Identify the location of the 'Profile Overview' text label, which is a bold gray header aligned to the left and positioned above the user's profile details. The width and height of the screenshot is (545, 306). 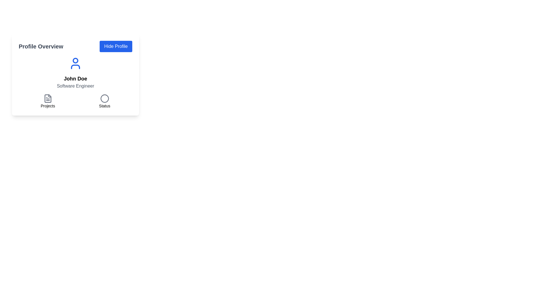
(41, 46).